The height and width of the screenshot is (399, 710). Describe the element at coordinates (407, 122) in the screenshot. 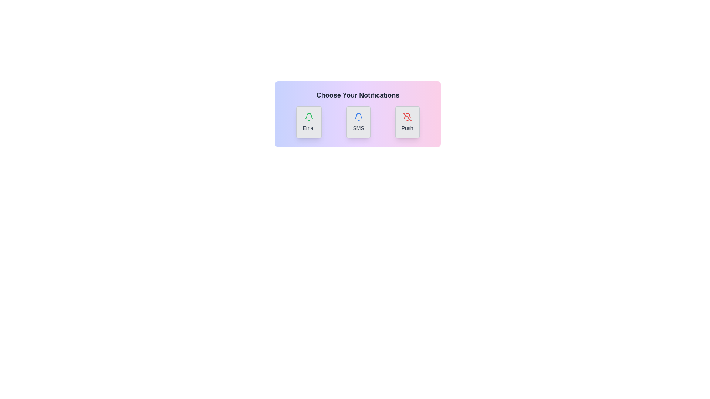

I see `the visual indicator for Push` at that location.